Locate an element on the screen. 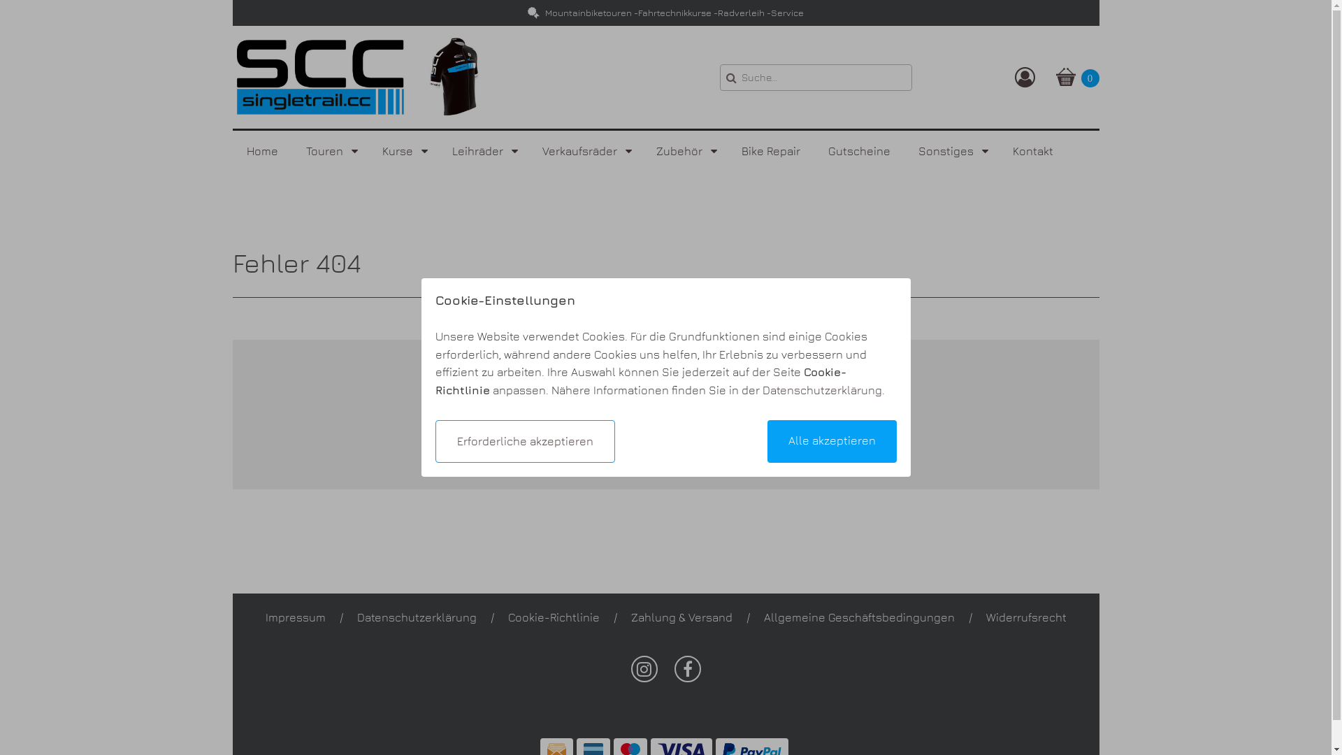 Image resolution: width=1342 pixels, height=755 pixels. 'Warenkorb anzeigen. Sie haben 0 Artikel im Warenkorb. is located at coordinates (1076, 77).